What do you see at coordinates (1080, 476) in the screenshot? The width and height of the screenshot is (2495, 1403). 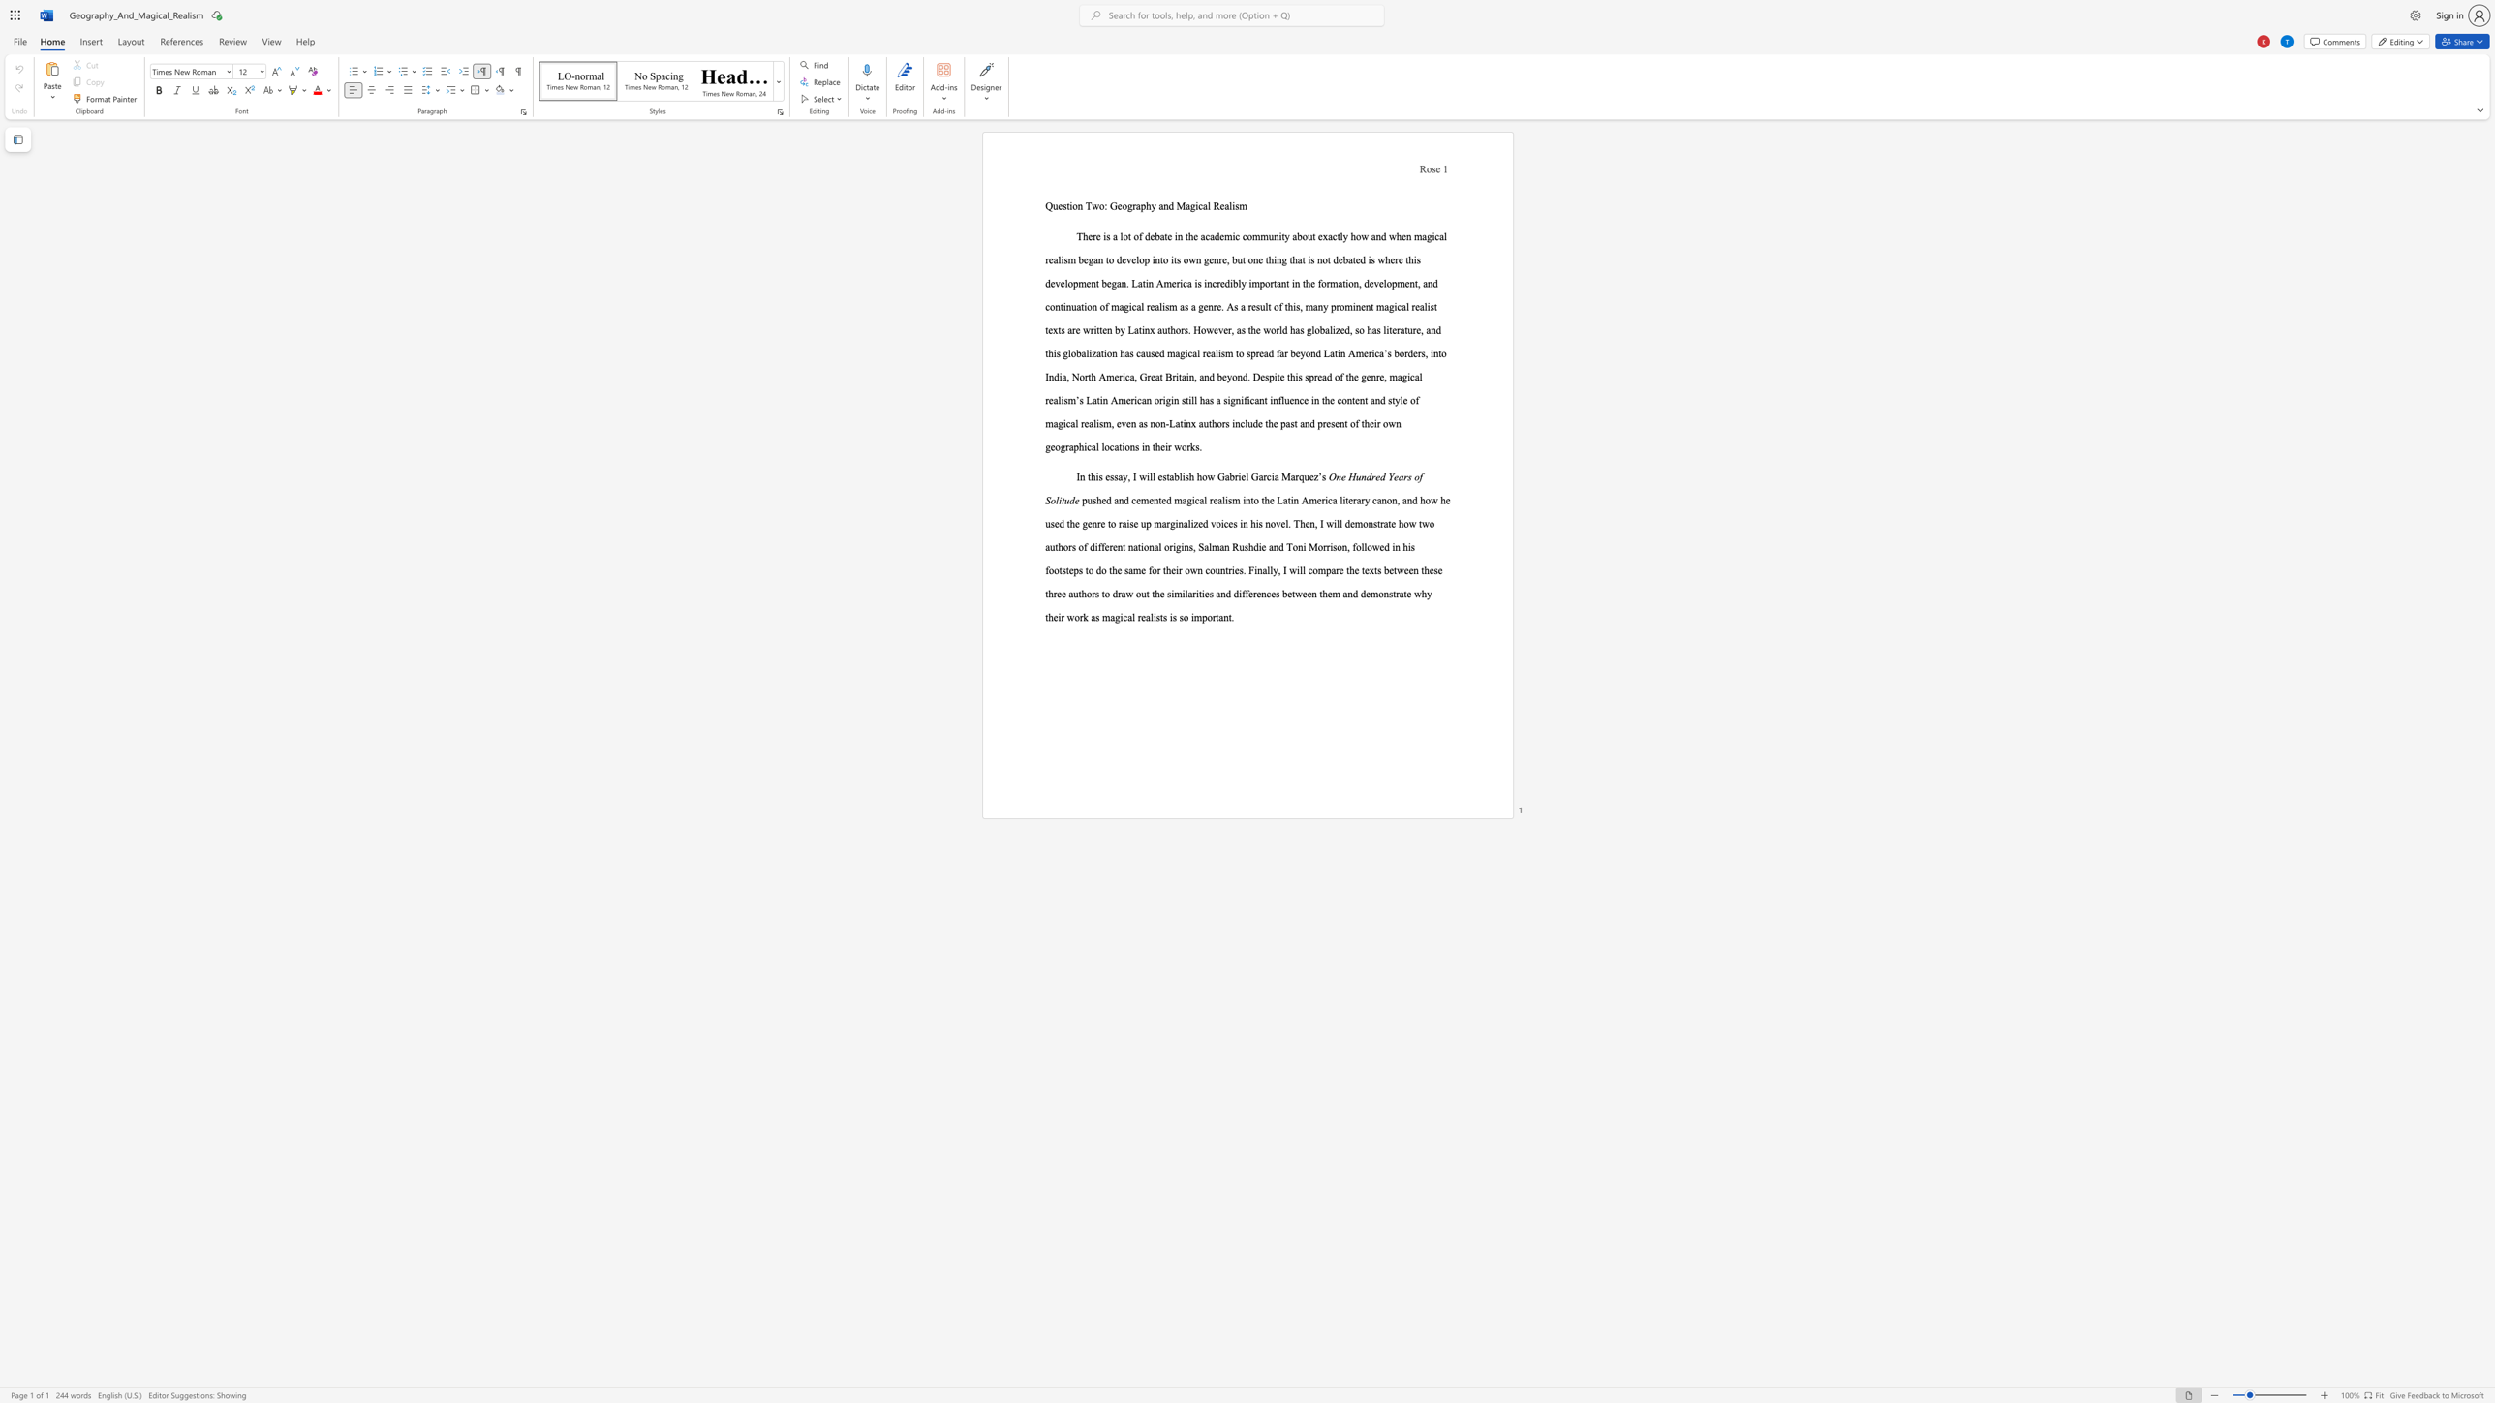 I see `the subset text "n this essay, I wil" within the text "In this essay, I will"` at bounding box center [1080, 476].